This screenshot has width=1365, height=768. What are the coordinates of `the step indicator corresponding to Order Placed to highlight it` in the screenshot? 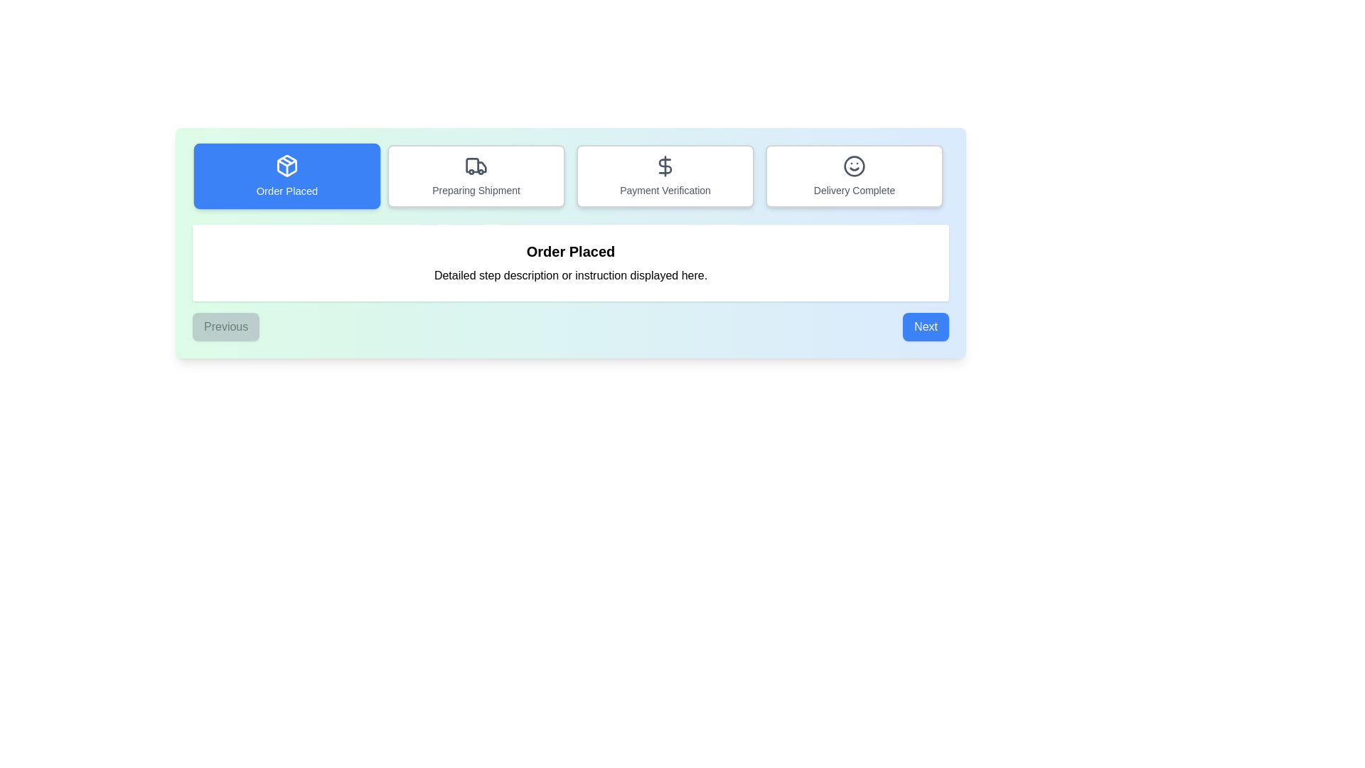 It's located at (286, 175).